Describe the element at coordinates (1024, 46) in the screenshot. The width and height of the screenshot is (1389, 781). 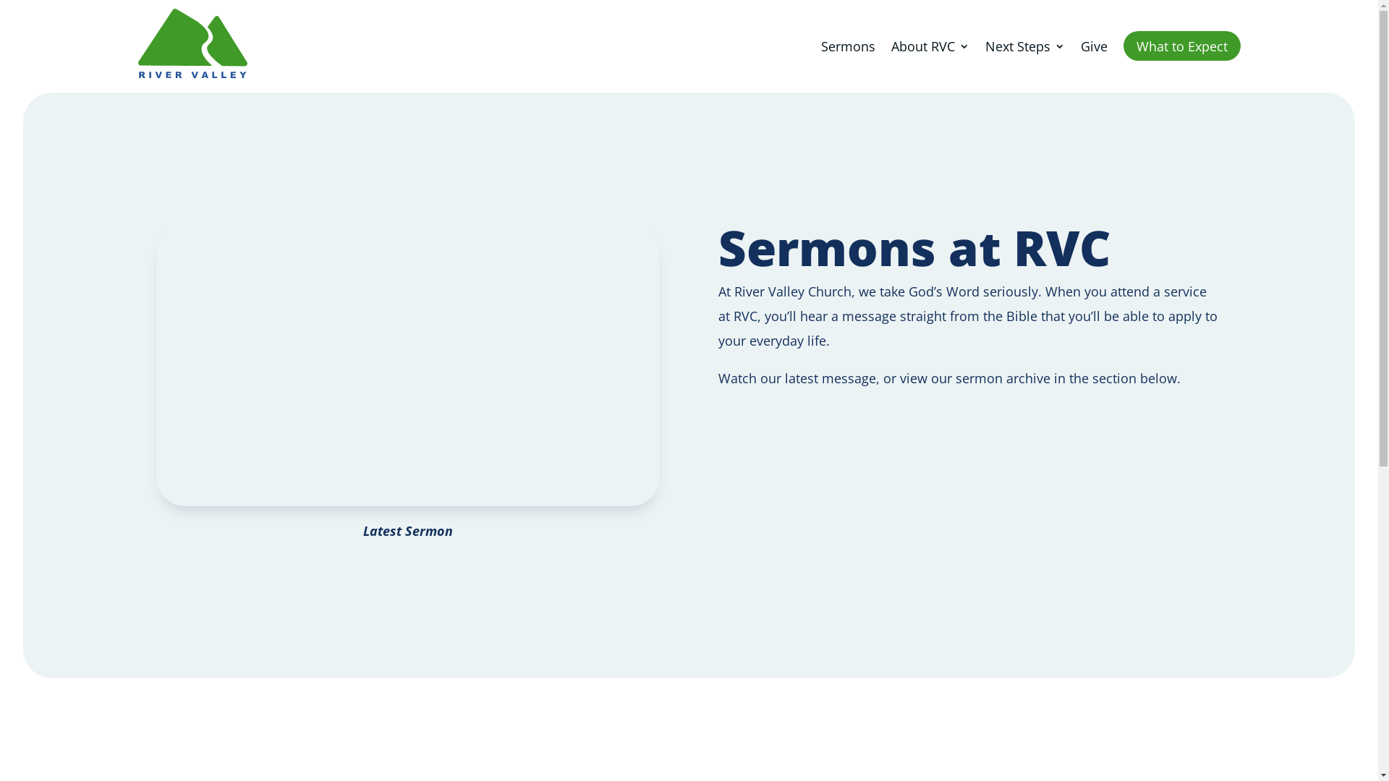
I see `'Next Steps'` at that location.